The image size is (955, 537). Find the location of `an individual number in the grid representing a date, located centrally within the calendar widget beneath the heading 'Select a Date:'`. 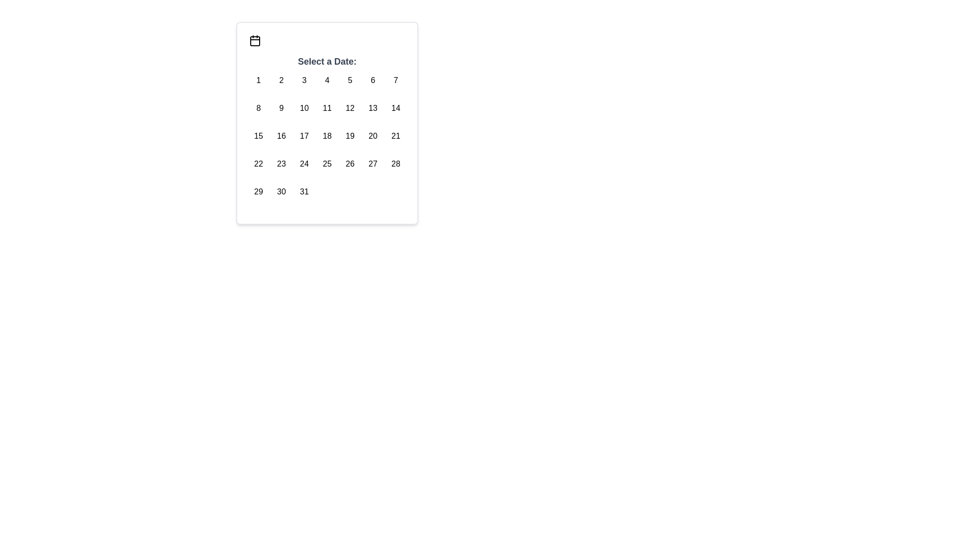

an individual number in the grid representing a date, located centrally within the calendar widget beneath the heading 'Select a Date:' is located at coordinates (327, 136).